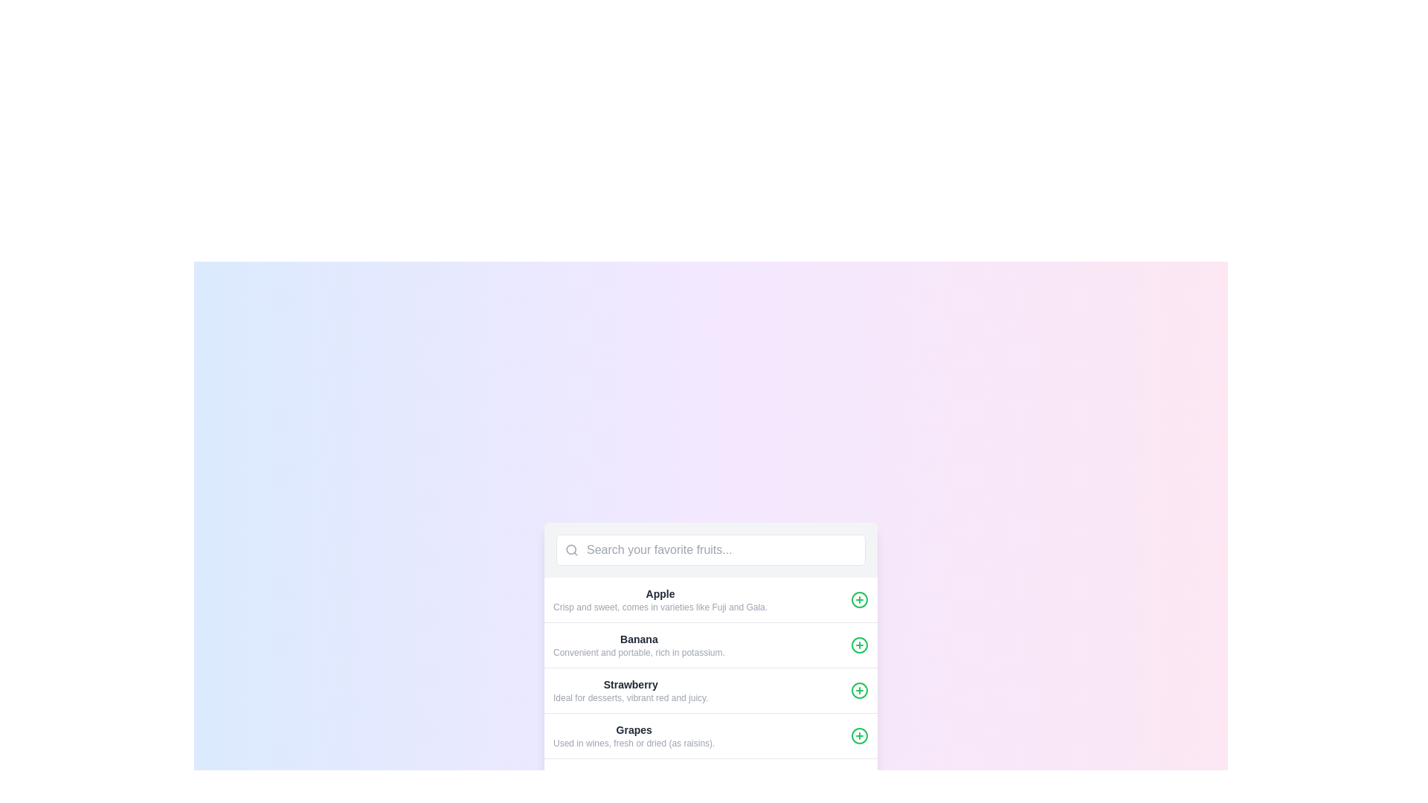  Describe the element at coordinates (710, 599) in the screenshot. I see `description of the first list item titled 'Apple', which includes a subtitle about its varieties and an add icon` at that location.